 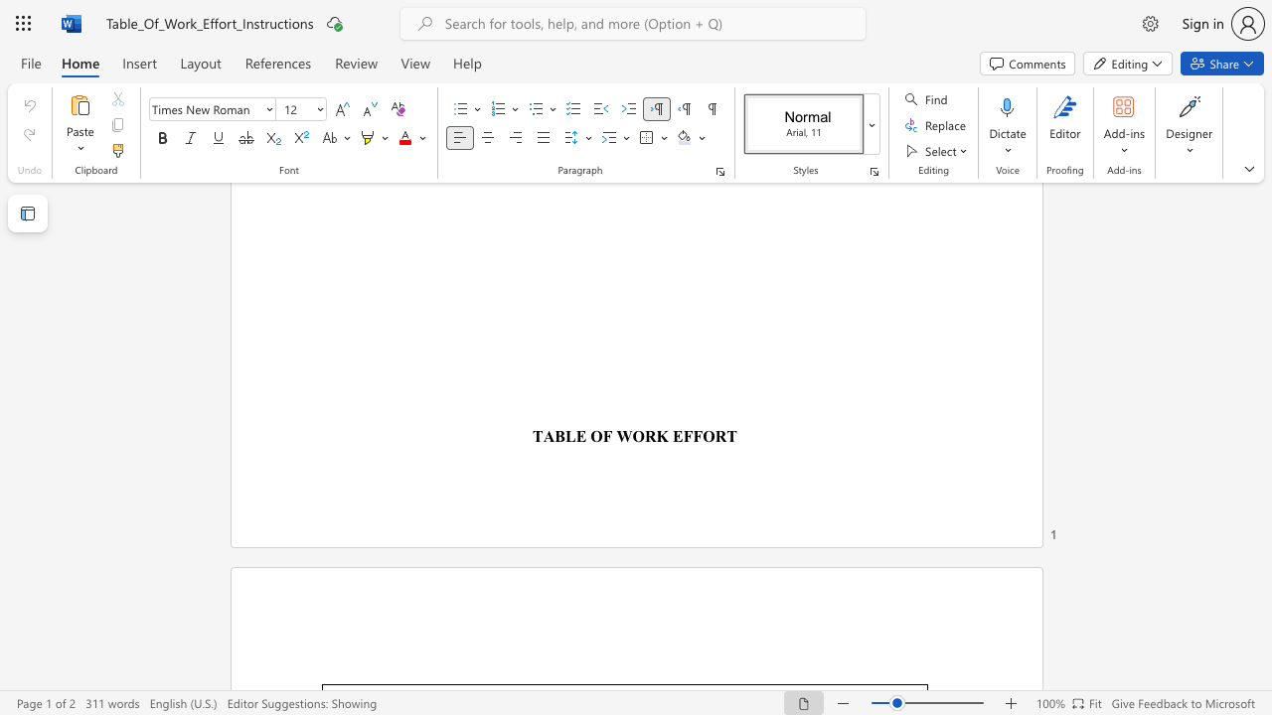 What do you see at coordinates (601, 435) in the screenshot?
I see `the space between the continuous character "O" and "F" in the text` at bounding box center [601, 435].